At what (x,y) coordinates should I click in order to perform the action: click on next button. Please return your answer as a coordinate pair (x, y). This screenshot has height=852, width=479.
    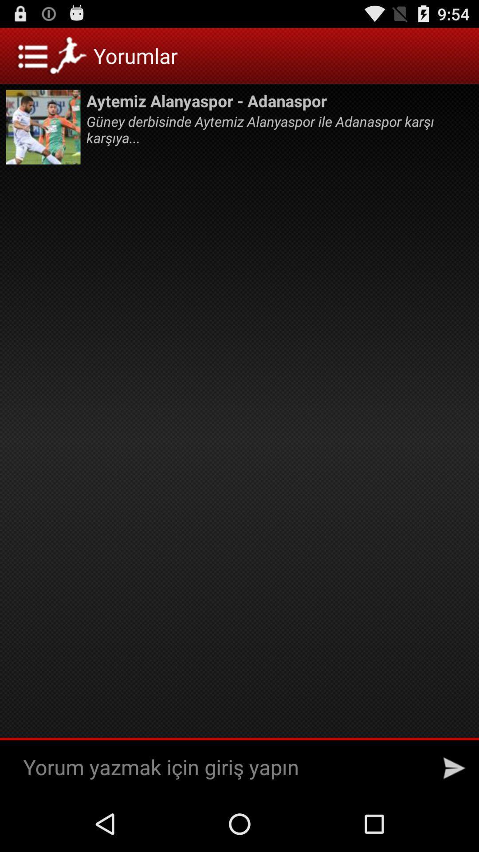
    Looking at the image, I should click on (454, 768).